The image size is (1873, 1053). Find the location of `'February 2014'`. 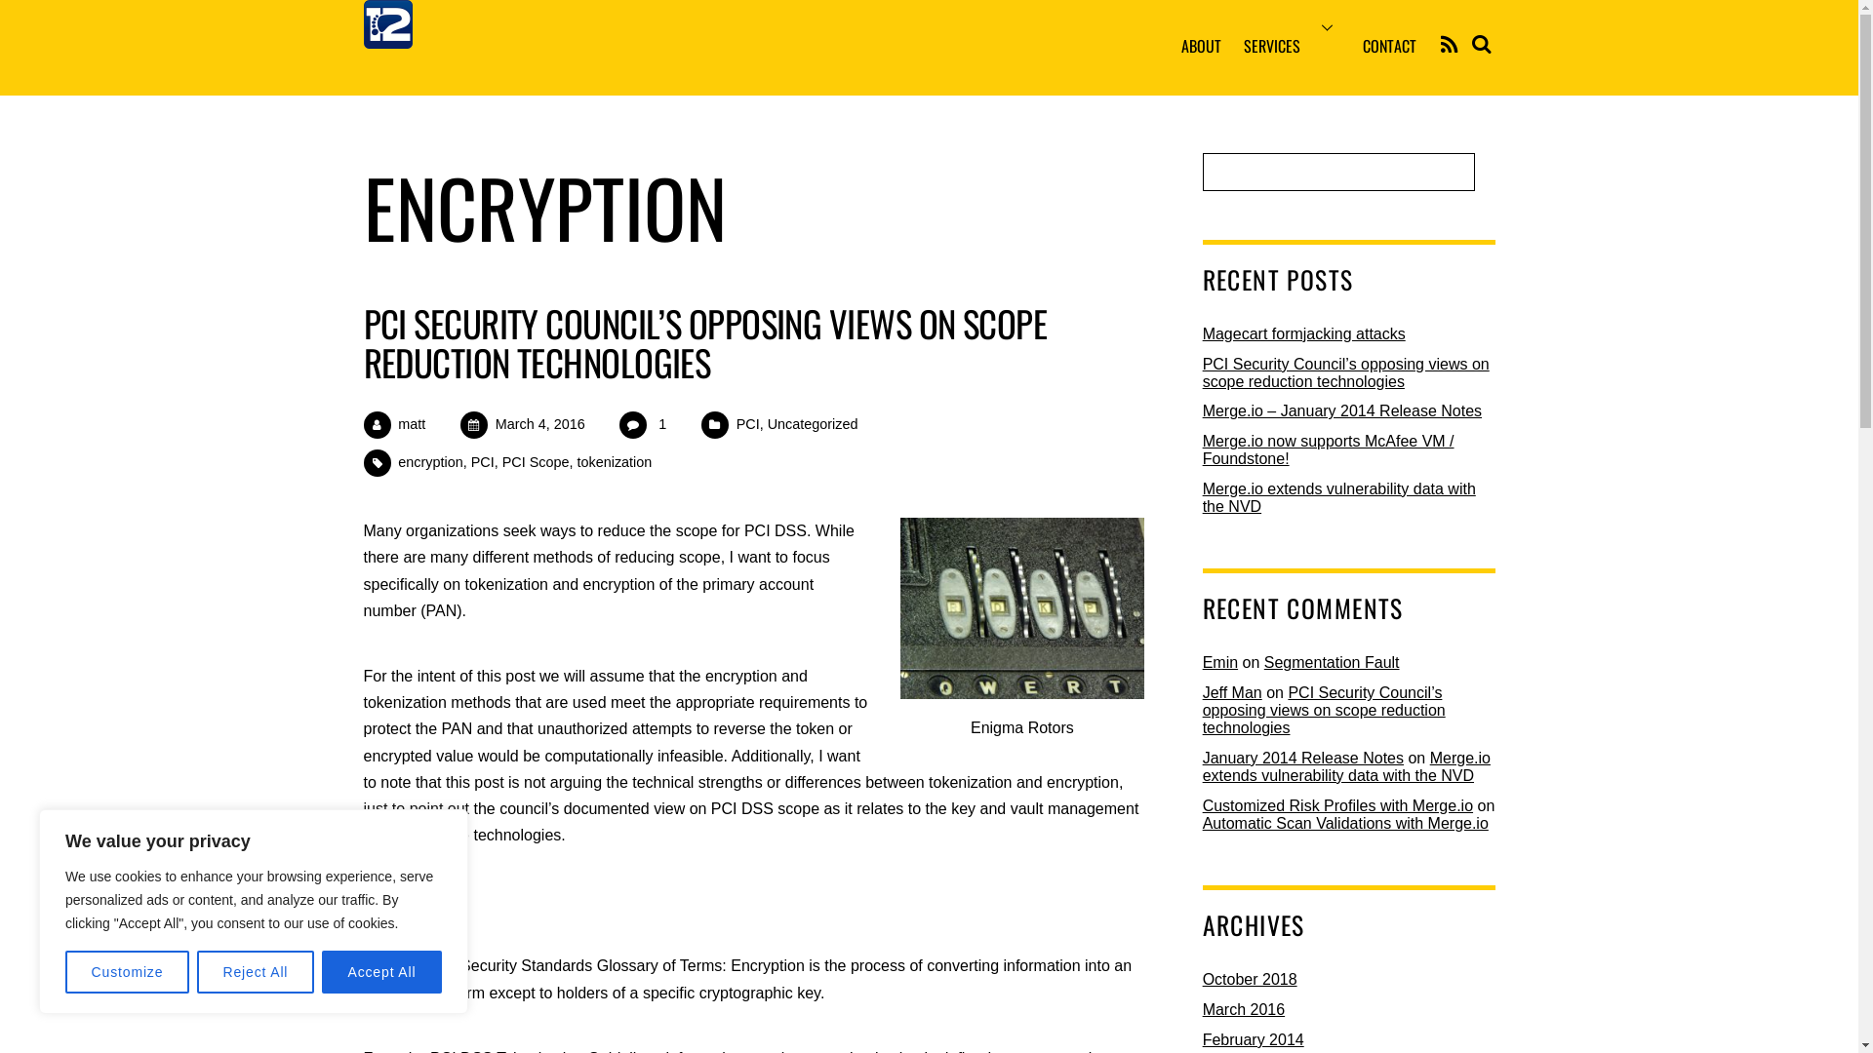

'February 2014' is located at coordinates (1202, 1038).